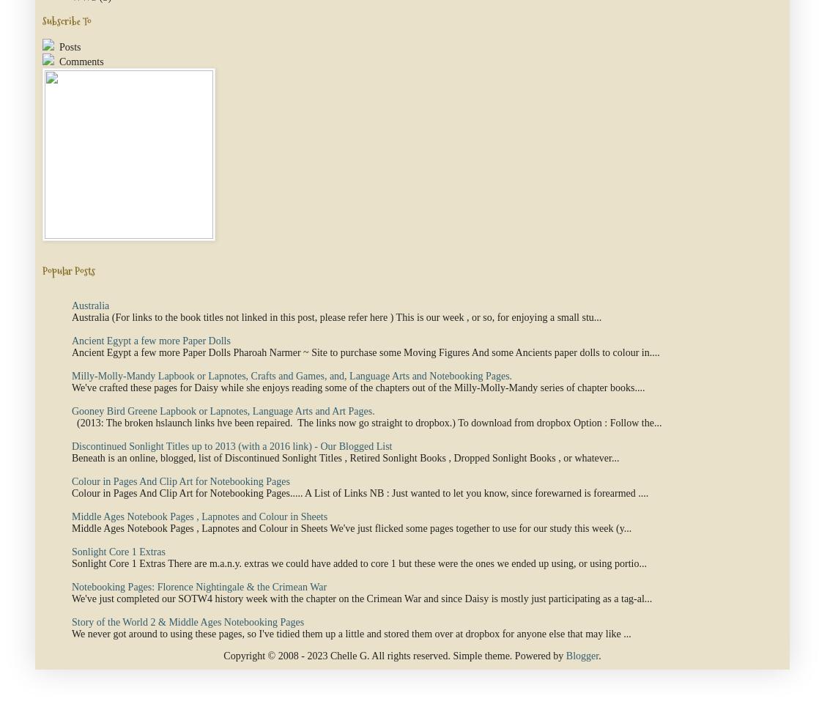 This screenshot has height=704, width=819. What do you see at coordinates (393, 655) in the screenshot?
I see `'Copyright © 2008 - 2023 Chelle G.  All rights reserved. Simple theme. Powered by'` at bounding box center [393, 655].